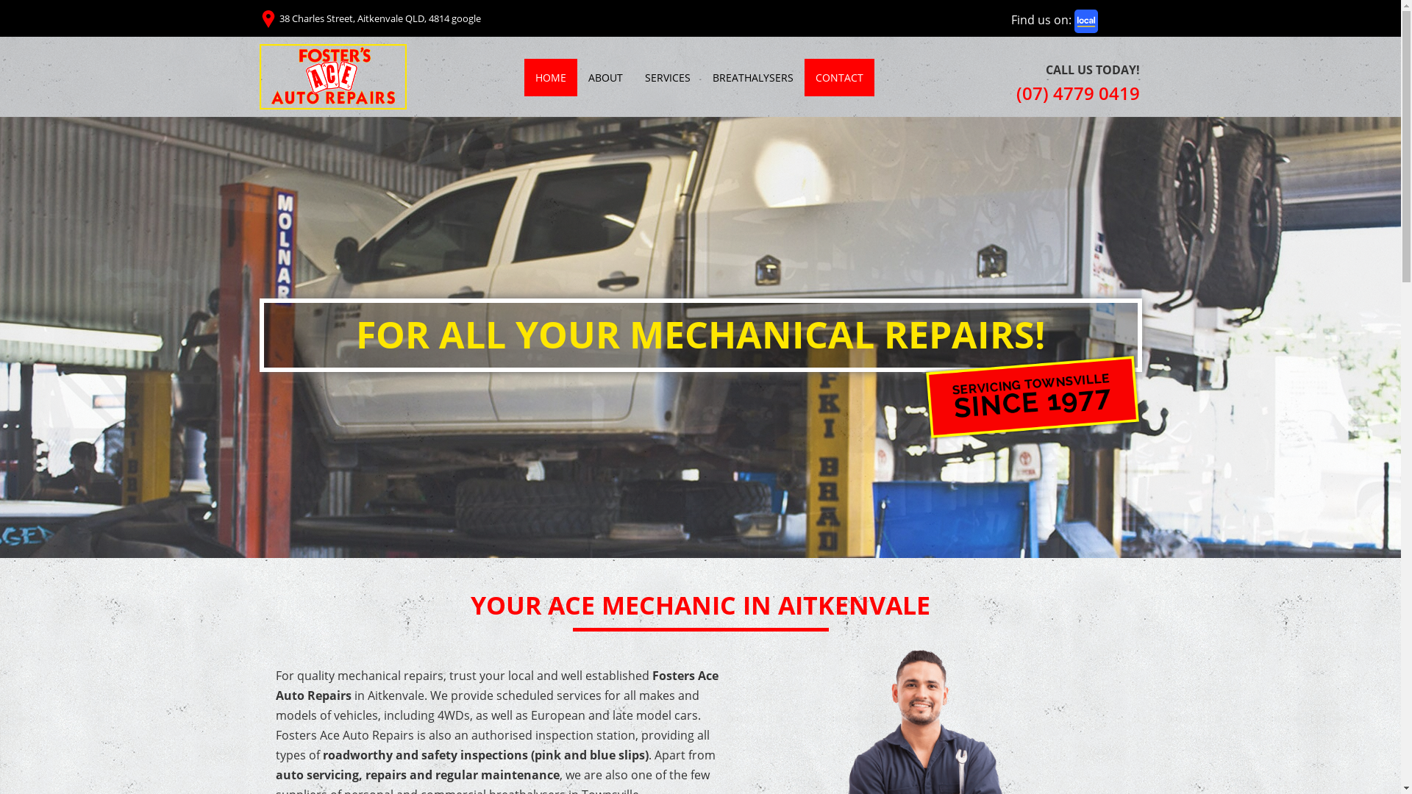 The image size is (1412, 794). I want to click on 'BREATHALYSERS', so click(701, 77).